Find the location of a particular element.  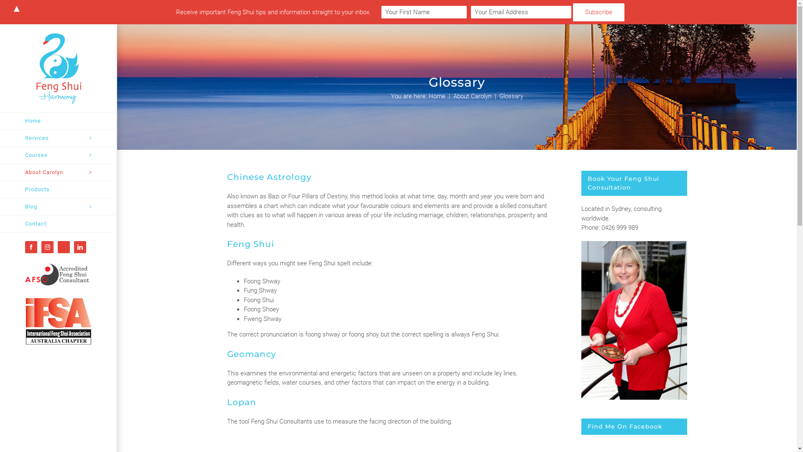

'Subscribe' is located at coordinates (598, 12).